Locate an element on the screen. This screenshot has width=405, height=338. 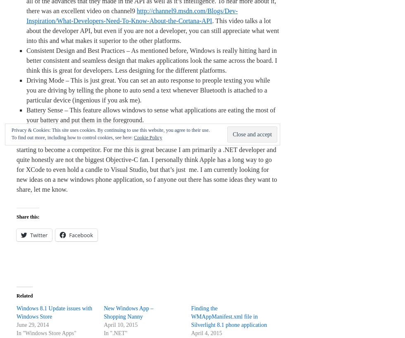
'Driving Mode – This is just great. You can set an auto response to preople texting you while you are driving by telling the phone to auto send a text whenever Bluetooth is attached to a particular device (ingenious if you ask me).' is located at coordinates (148, 90).